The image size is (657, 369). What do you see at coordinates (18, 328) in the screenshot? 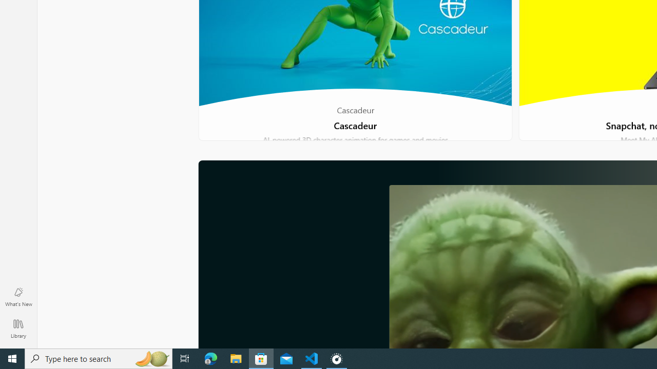
I see `'Library'` at bounding box center [18, 328].